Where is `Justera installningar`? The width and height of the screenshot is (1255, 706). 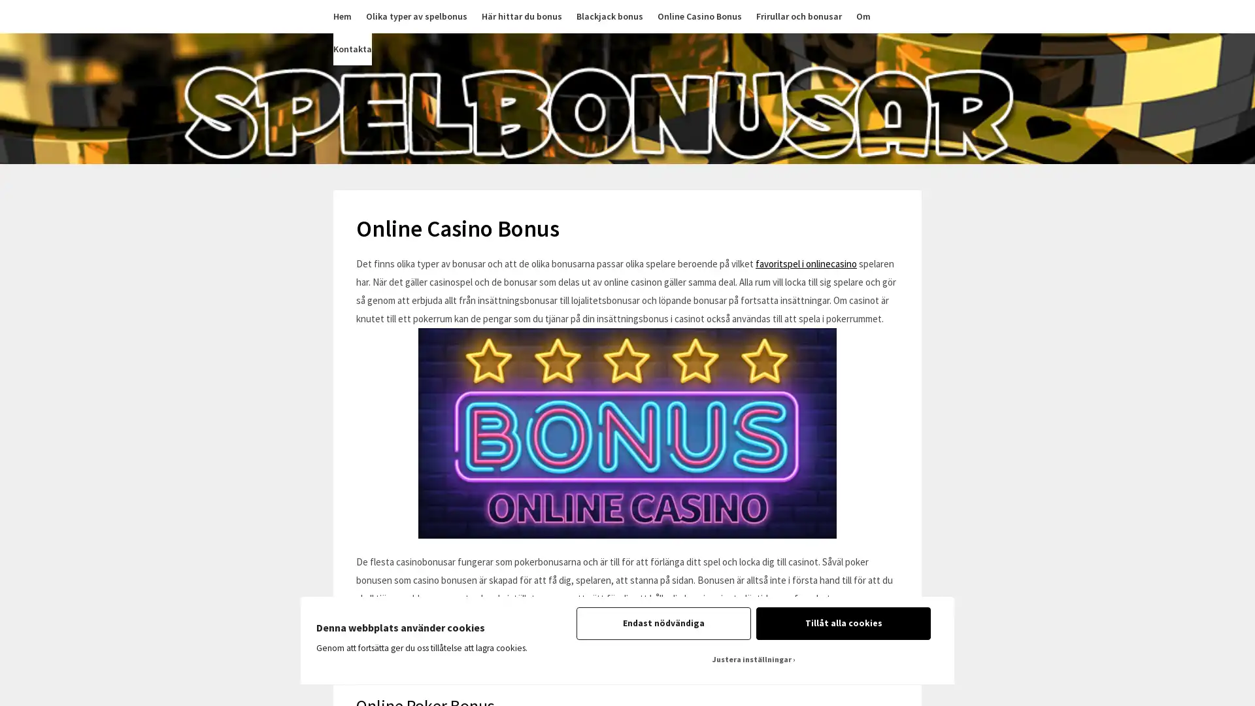 Justera installningar is located at coordinates (753, 660).